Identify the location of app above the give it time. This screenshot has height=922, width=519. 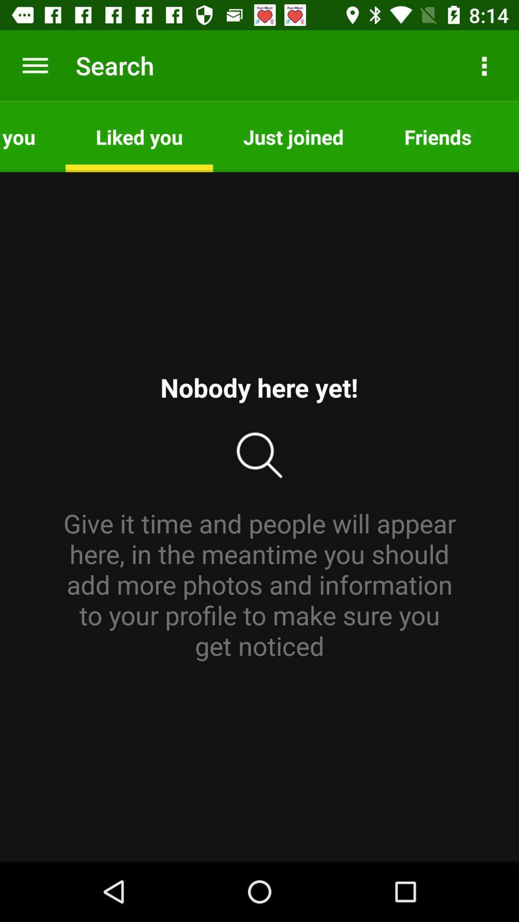
(438, 136).